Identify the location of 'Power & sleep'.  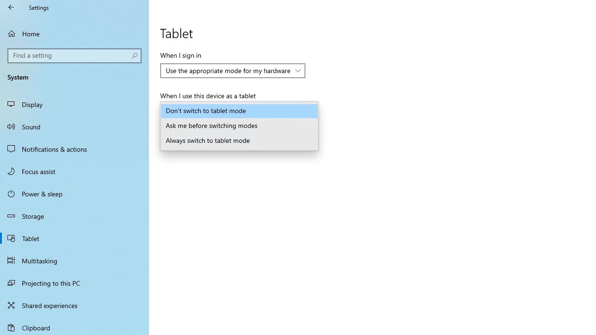
(74, 193).